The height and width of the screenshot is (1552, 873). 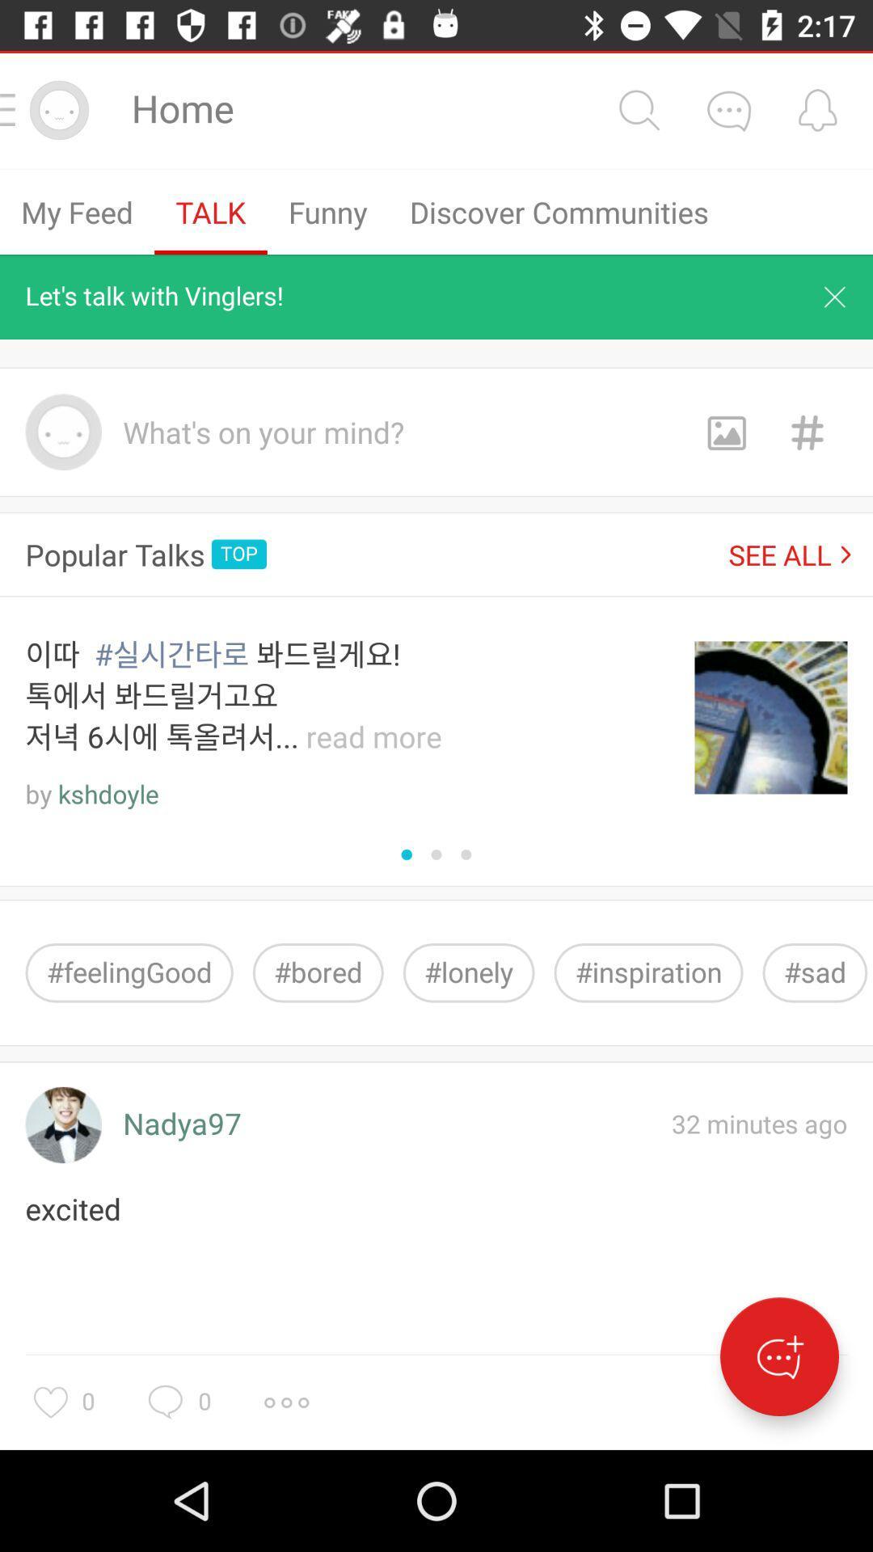 I want to click on the chat icon, so click(x=728, y=109).